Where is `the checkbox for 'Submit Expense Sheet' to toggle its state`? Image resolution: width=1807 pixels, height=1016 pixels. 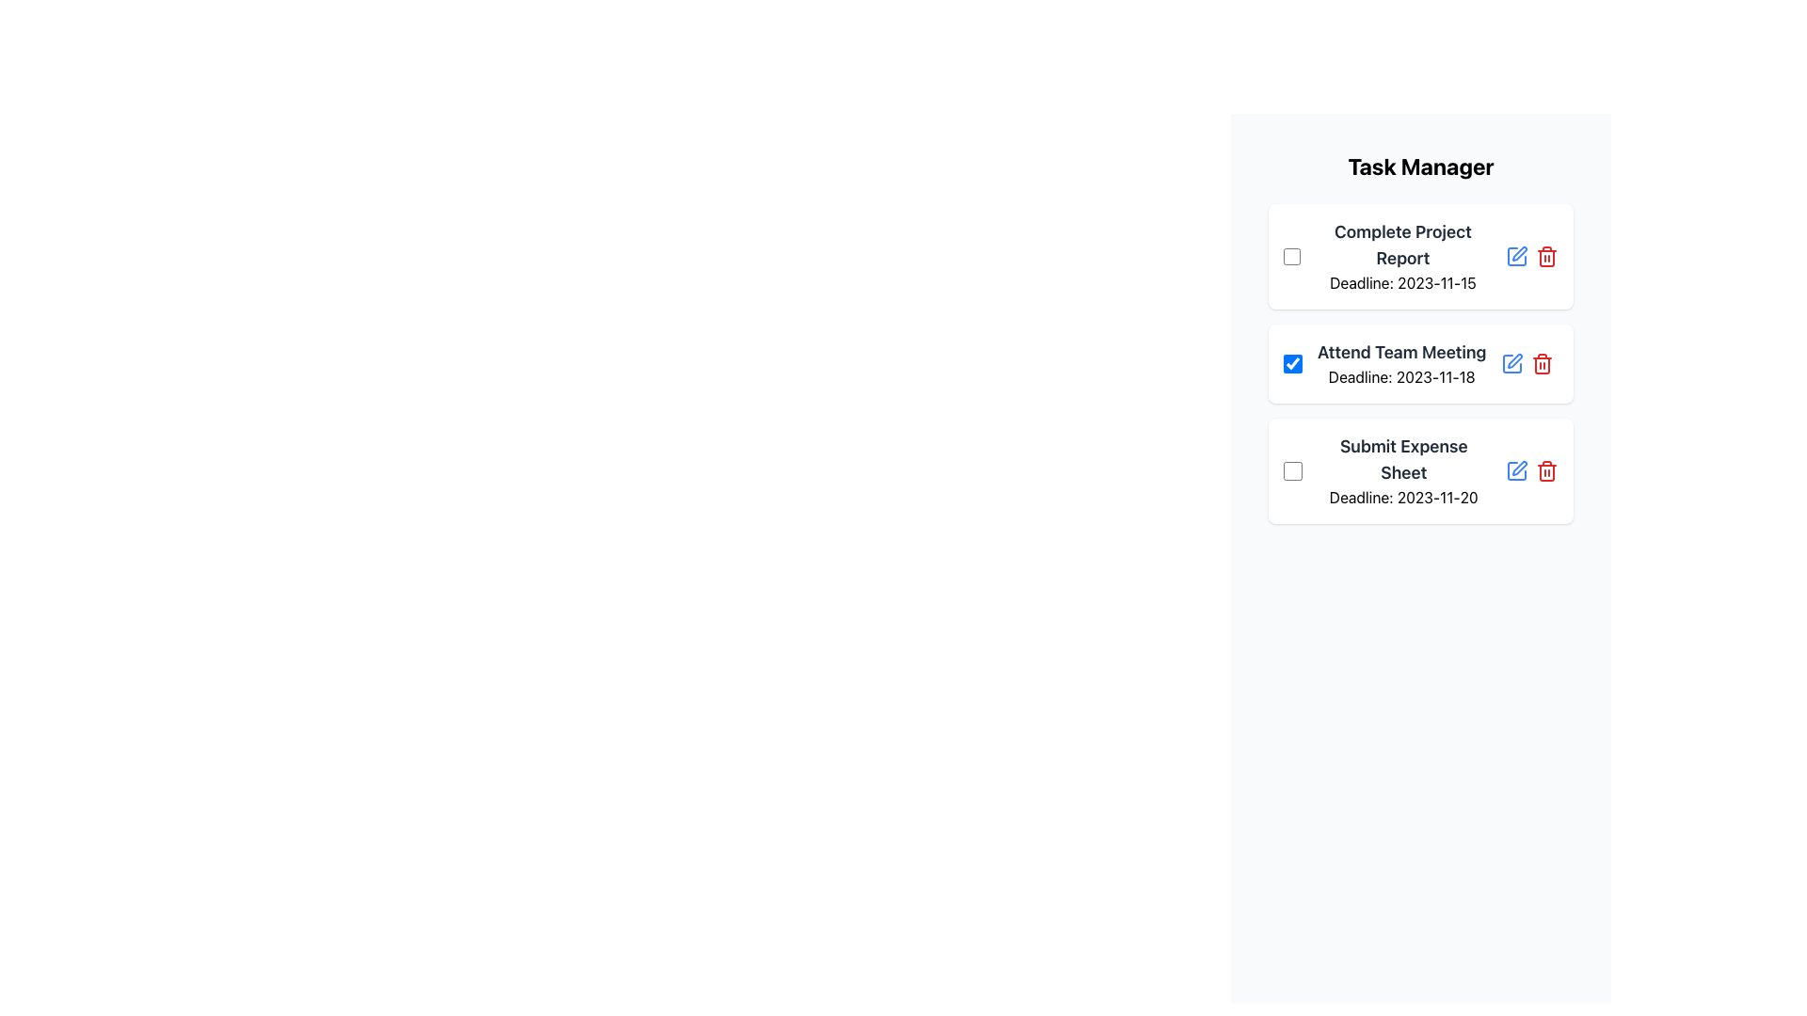 the checkbox for 'Submit Expense Sheet' to toggle its state is located at coordinates (1290, 470).